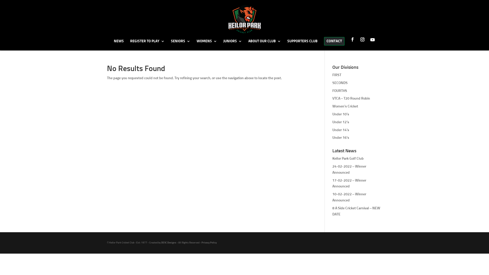 Image resolution: width=489 pixels, height=275 pixels. What do you see at coordinates (180, 44) in the screenshot?
I see `'SENIORS'` at bounding box center [180, 44].